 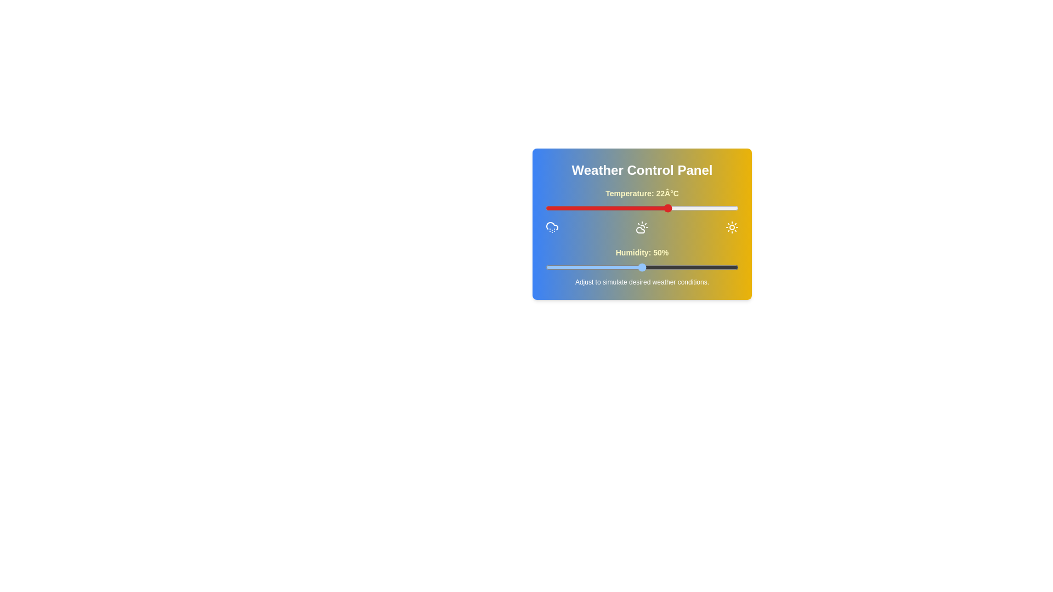 I want to click on the weather icon styled as a cloud with snowflakes, located centrally in the temperature adjustment row against a blue gradient background, so click(x=552, y=227).